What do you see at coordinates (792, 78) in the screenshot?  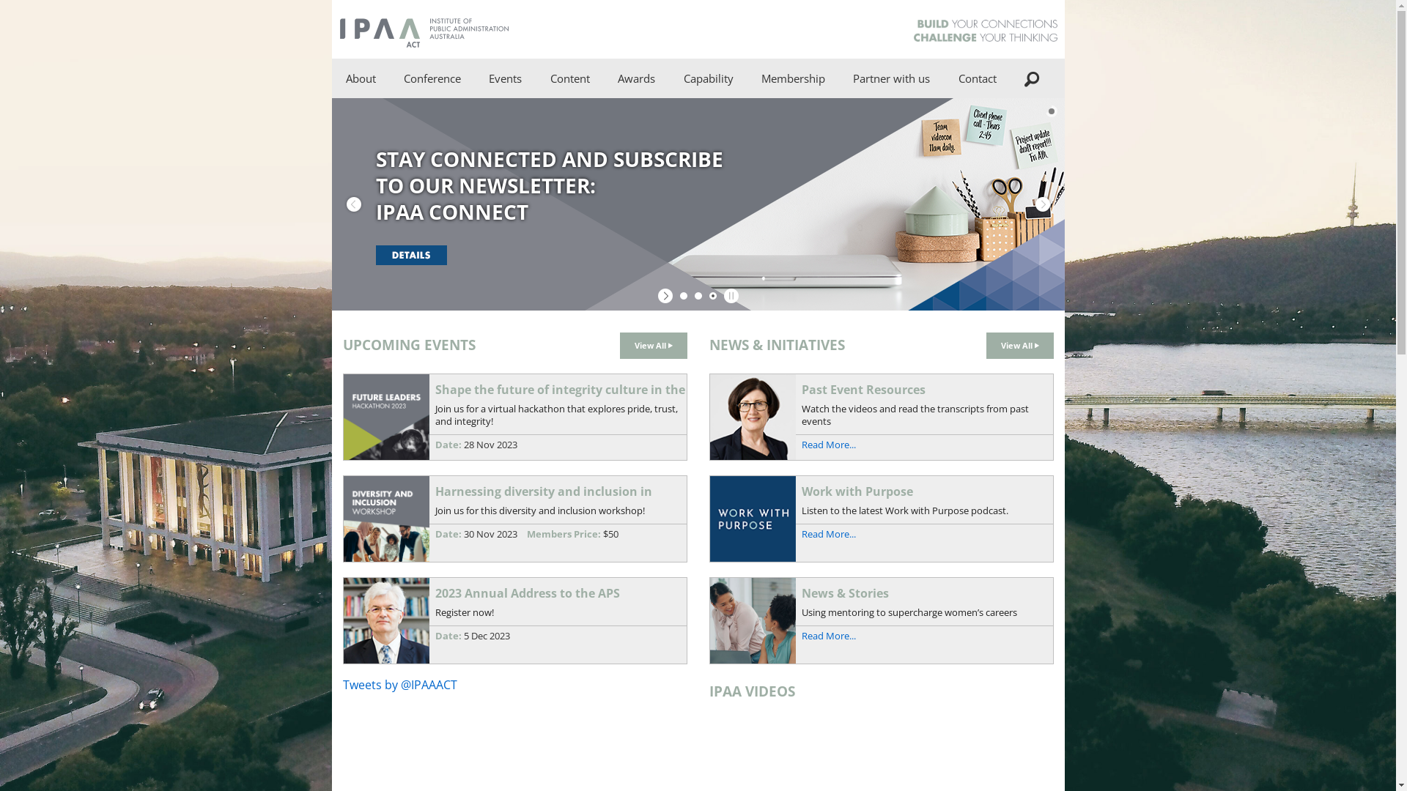 I see `'Membership'` at bounding box center [792, 78].